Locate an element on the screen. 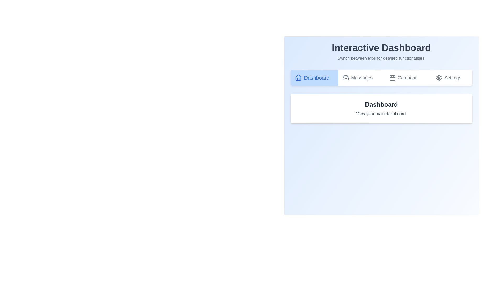  the calendar tab icon in the navigation bar is located at coordinates (392, 78).